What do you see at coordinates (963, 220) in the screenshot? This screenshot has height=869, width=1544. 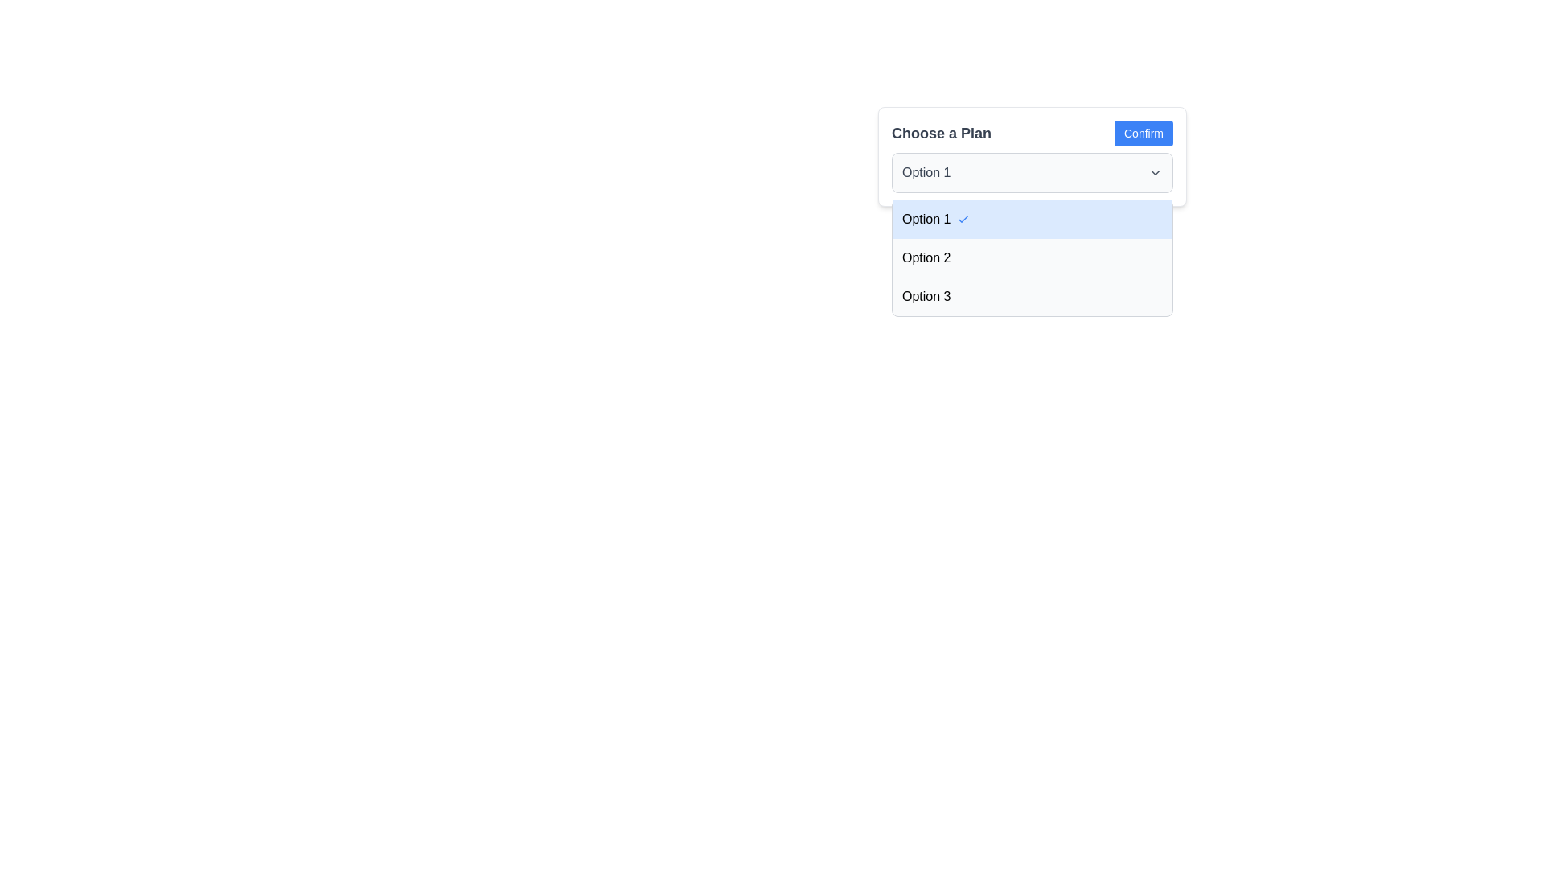 I see `the checkmark icon located to the right of 'Option 1' in the dropdown menu titled 'Choose a Plan'` at bounding box center [963, 220].